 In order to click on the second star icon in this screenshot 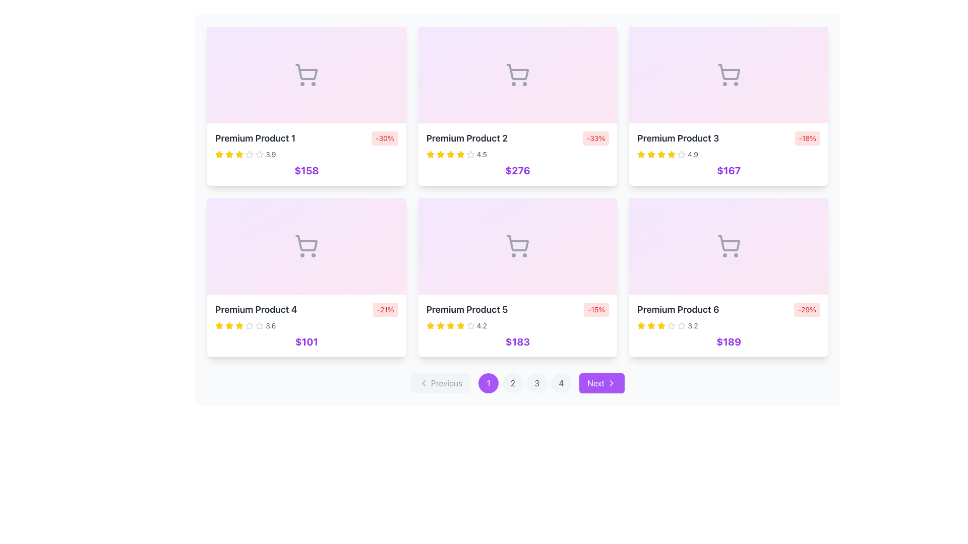, I will do `click(470, 154)`.